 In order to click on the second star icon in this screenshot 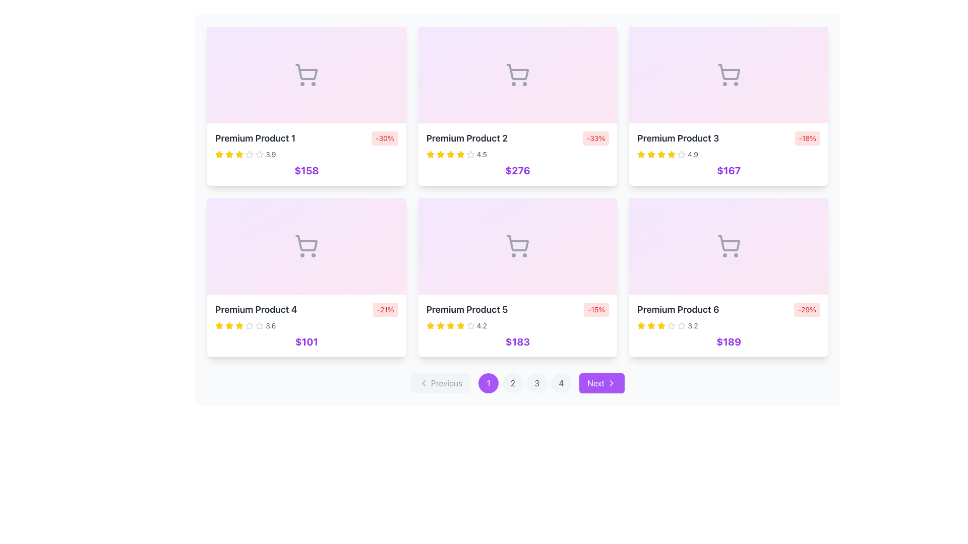, I will do `click(470, 154)`.